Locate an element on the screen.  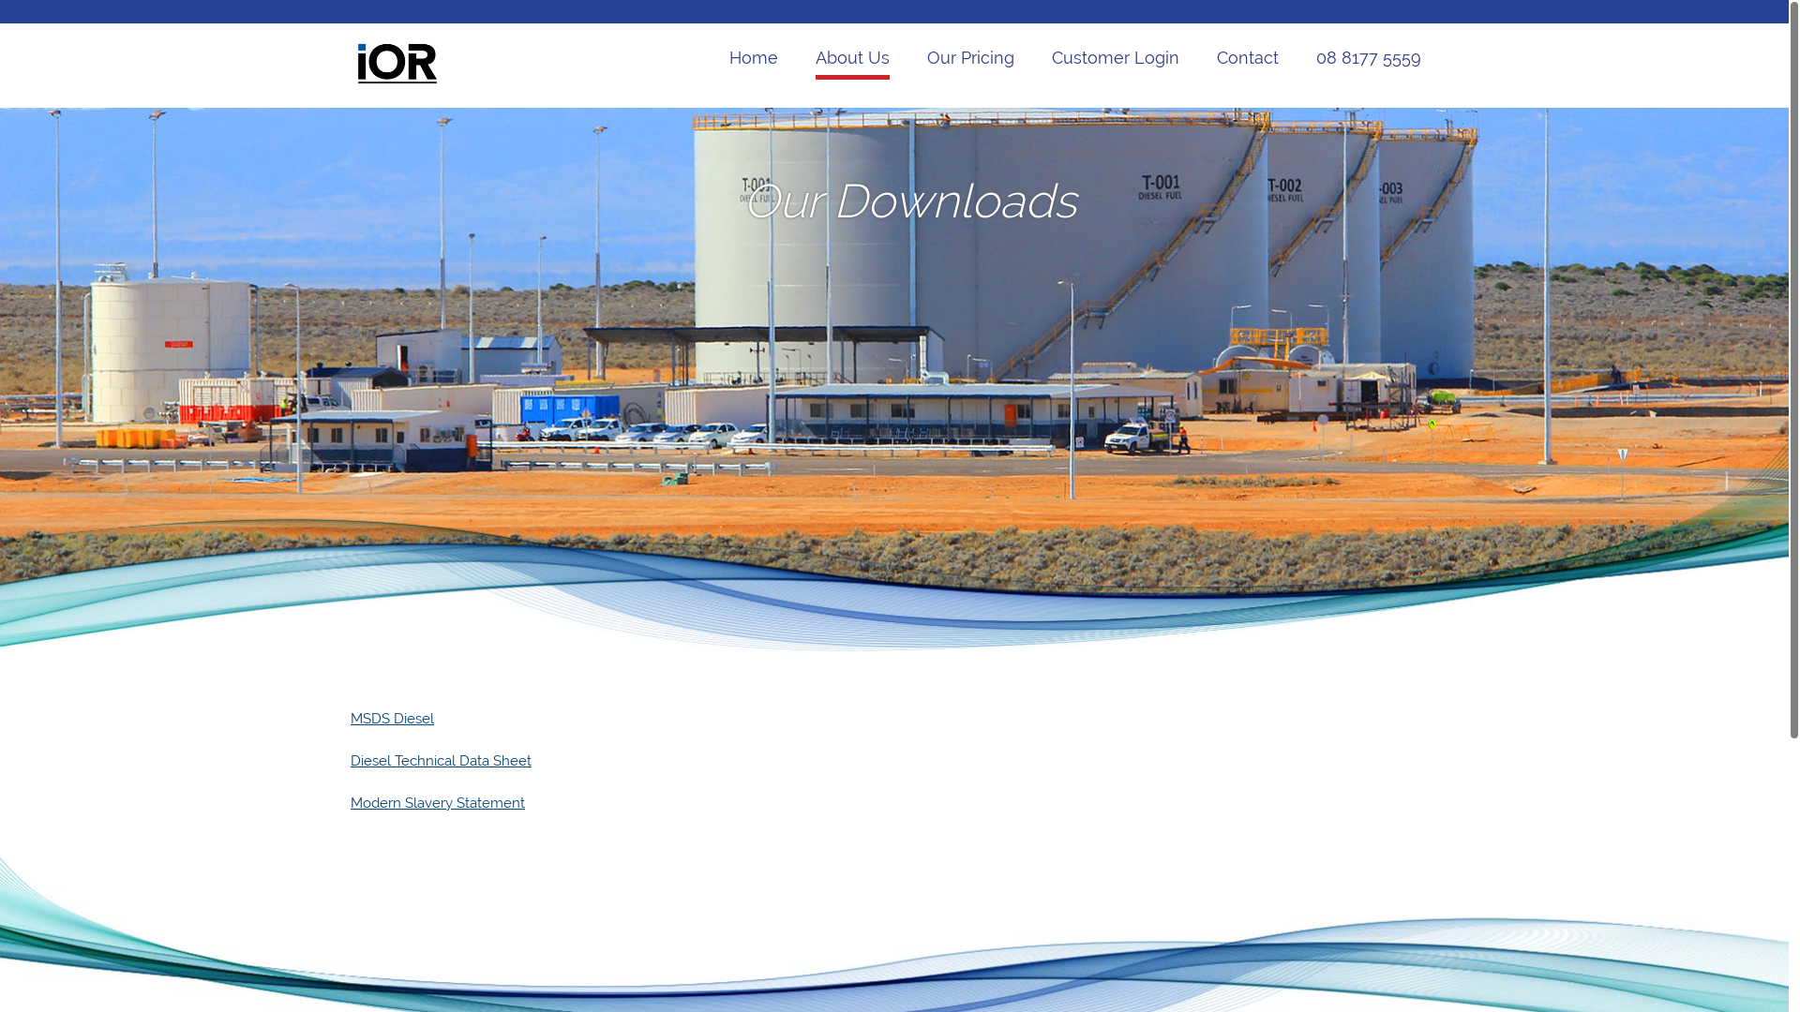
'08 8177 5559' is located at coordinates (1368, 59).